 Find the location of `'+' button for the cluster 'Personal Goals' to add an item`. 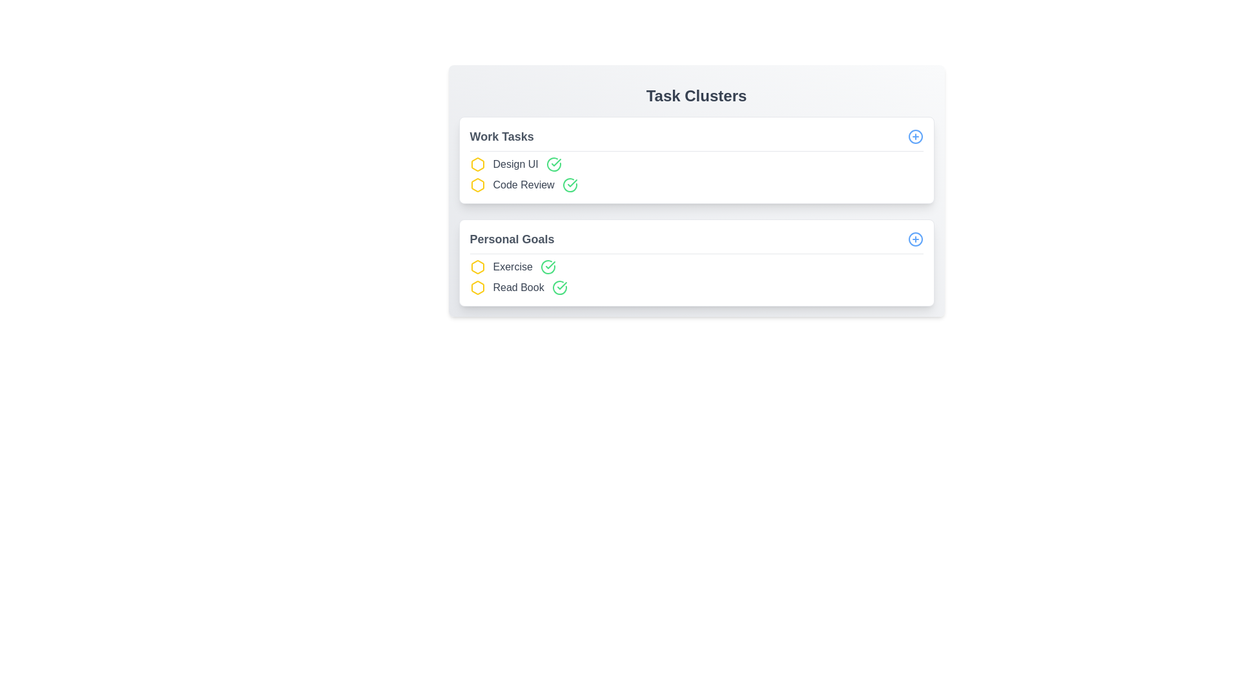

'+' button for the cluster 'Personal Goals' to add an item is located at coordinates (914, 239).